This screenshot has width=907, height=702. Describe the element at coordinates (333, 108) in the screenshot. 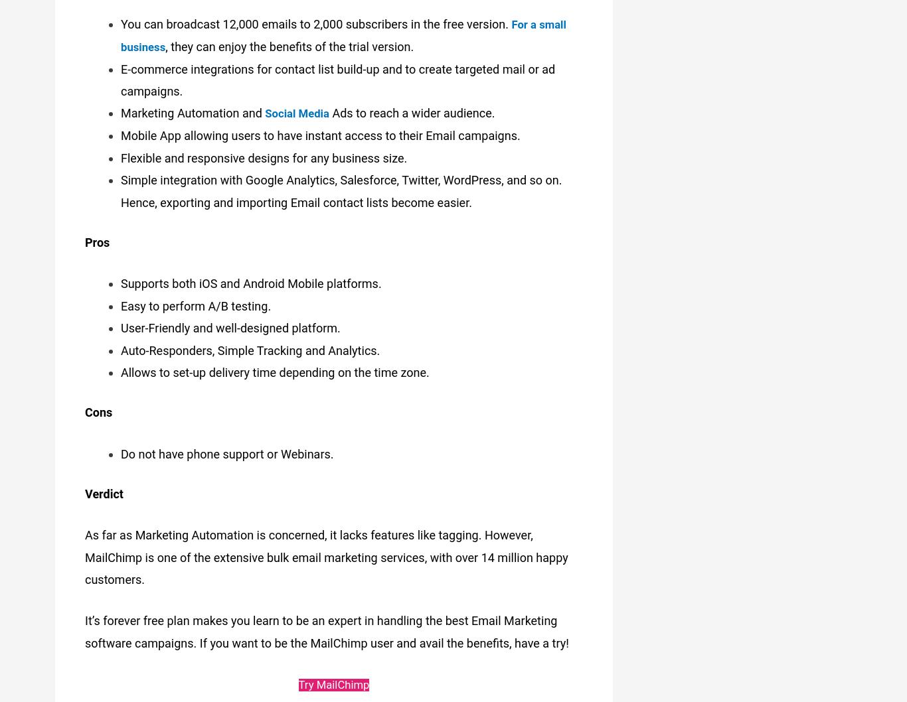

I see `'Ads to reach a wider audience.'` at that location.